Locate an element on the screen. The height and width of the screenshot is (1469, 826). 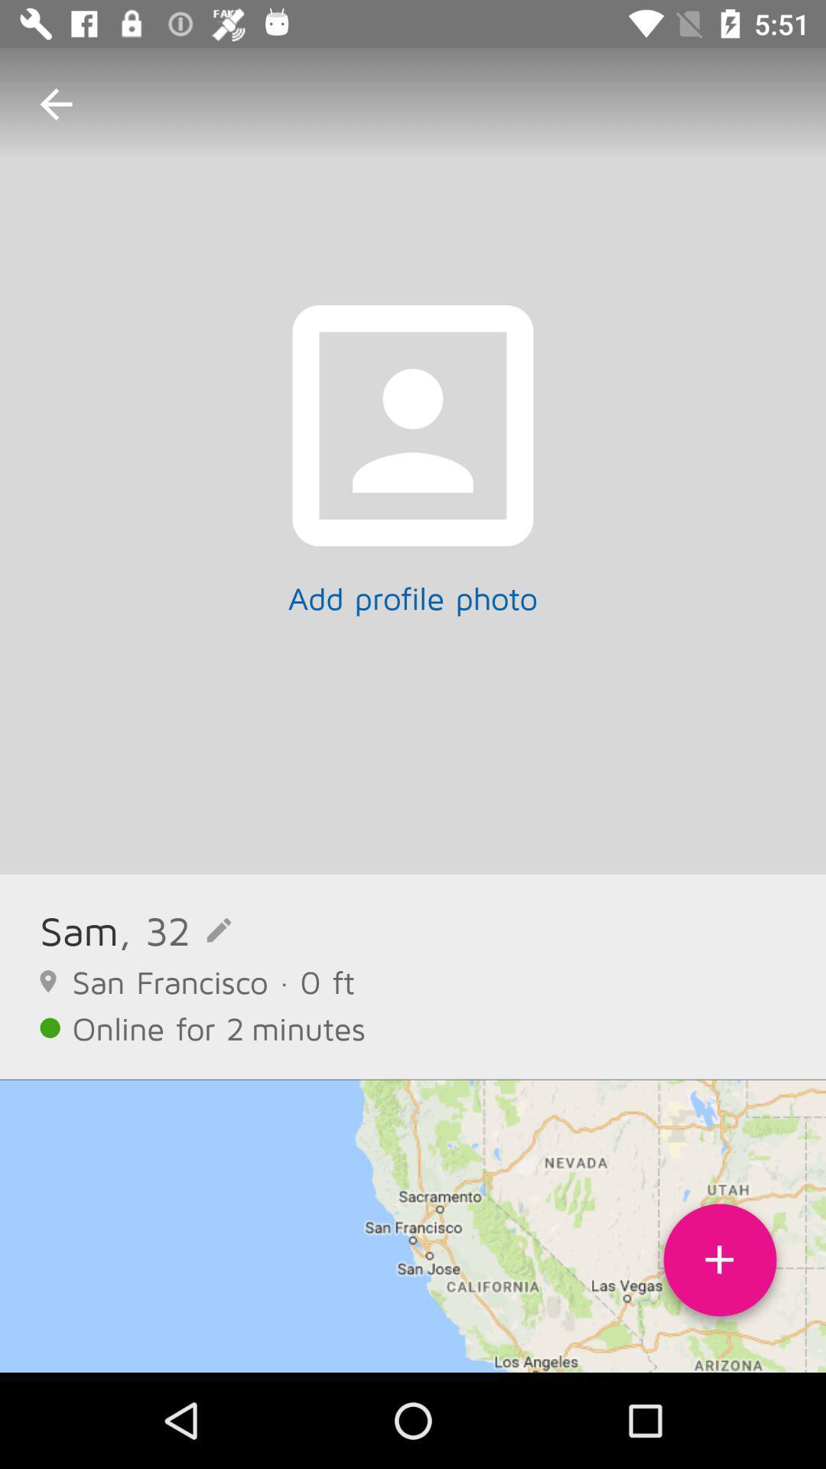
contact is located at coordinates (720, 1265).